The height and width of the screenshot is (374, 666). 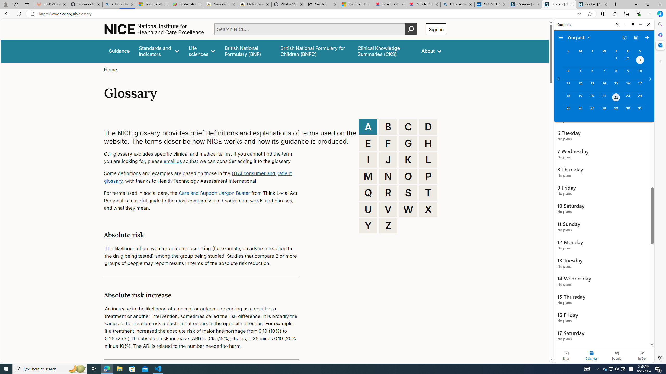 I want to click on 'View Switcher. Current view is Agenda view', so click(x=636, y=38).